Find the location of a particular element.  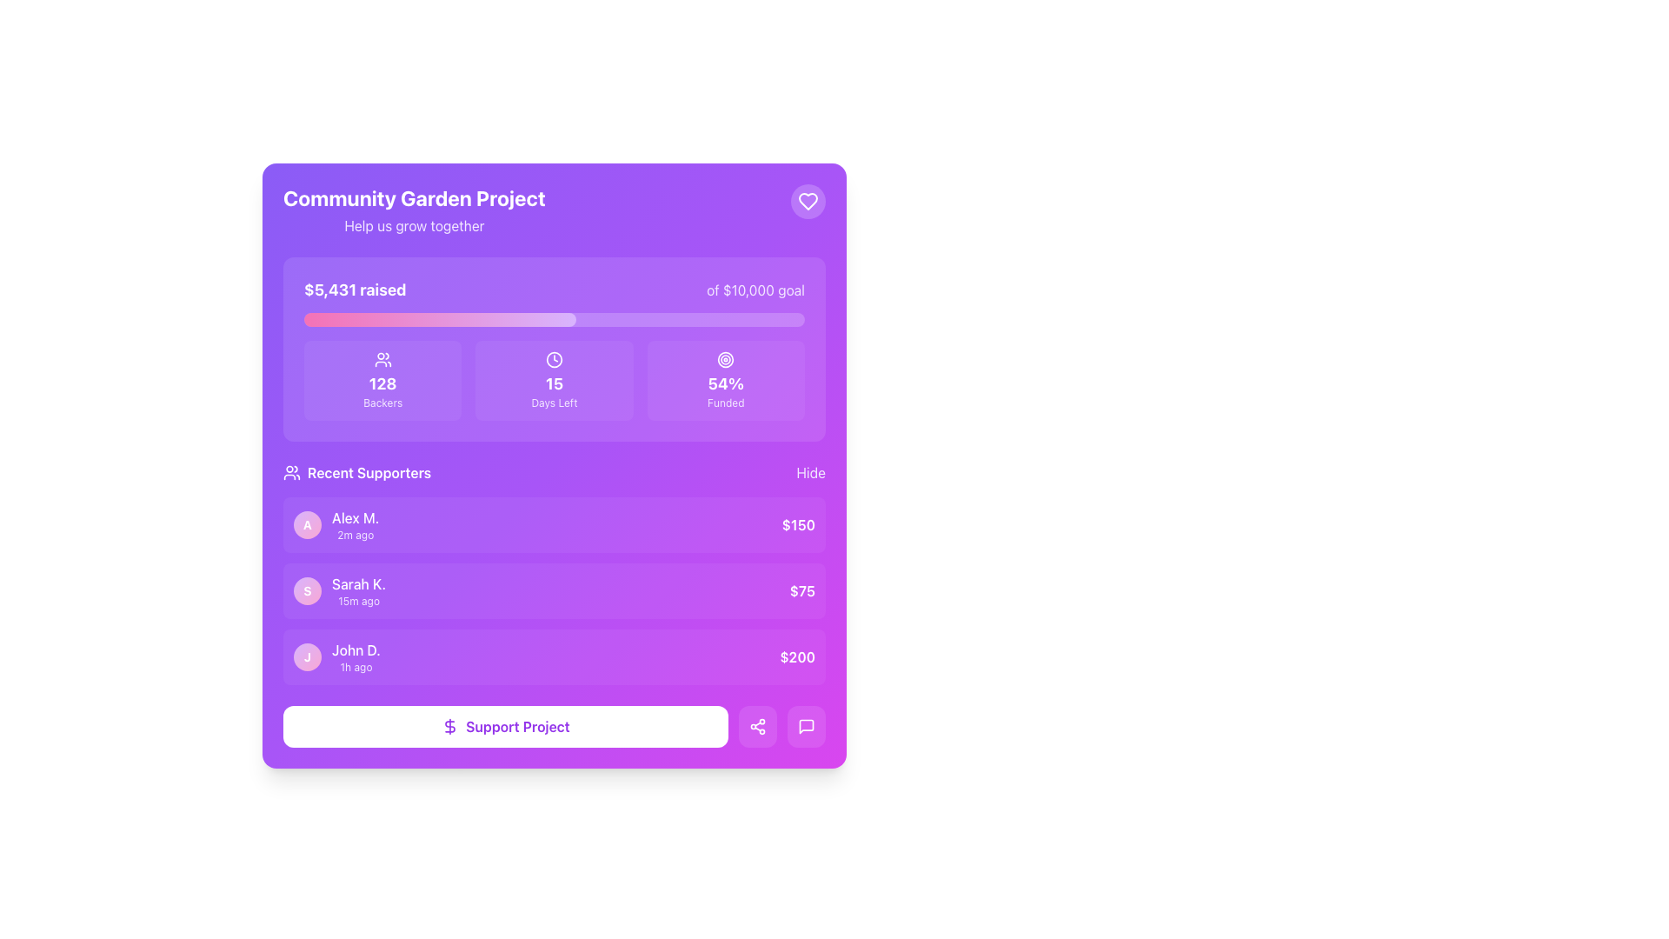

the second entry in the list of recent supporters is located at coordinates (554, 589).